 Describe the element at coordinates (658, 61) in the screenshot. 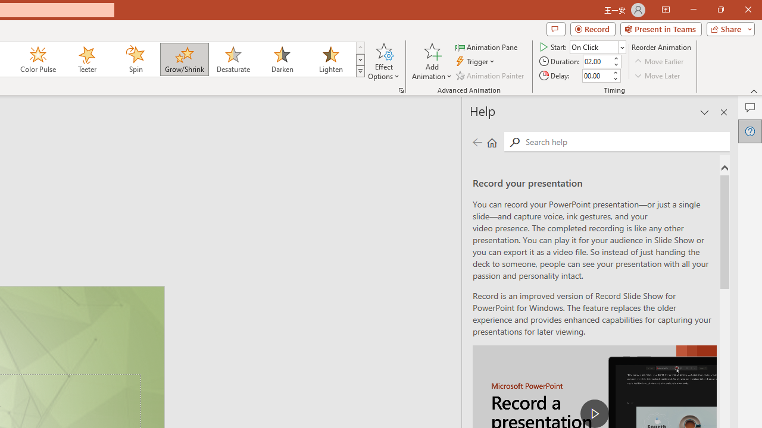

I see `'Move Earlier'` at that location.